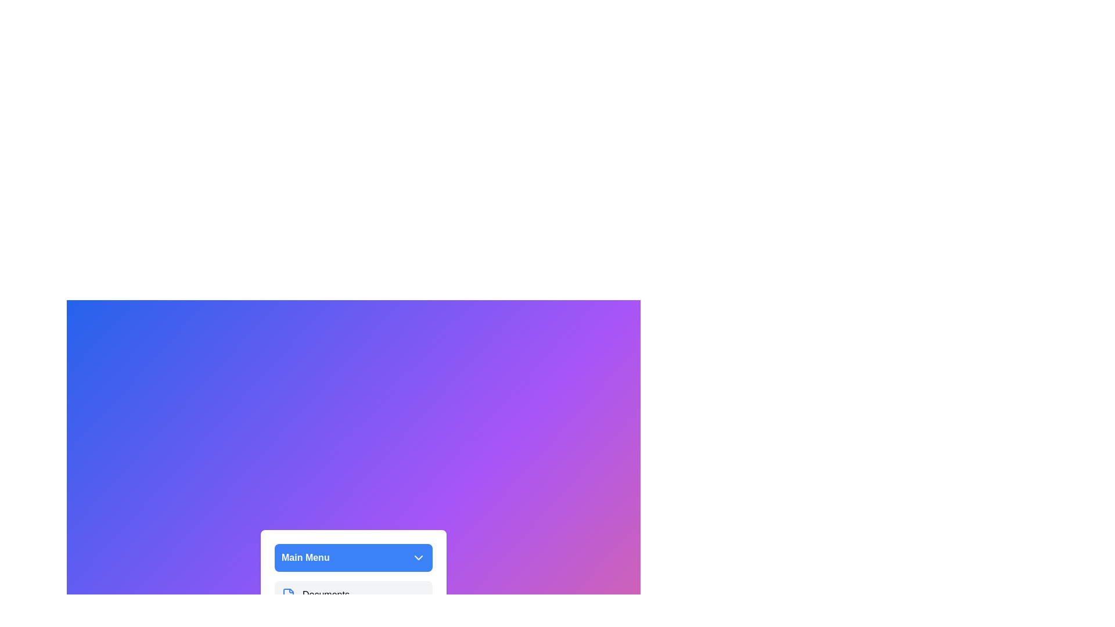  Describe the element at coordinates (353, 557) in the screenshot. I see `the 'Main Menu' button to toggle the menu visibility` at that location.